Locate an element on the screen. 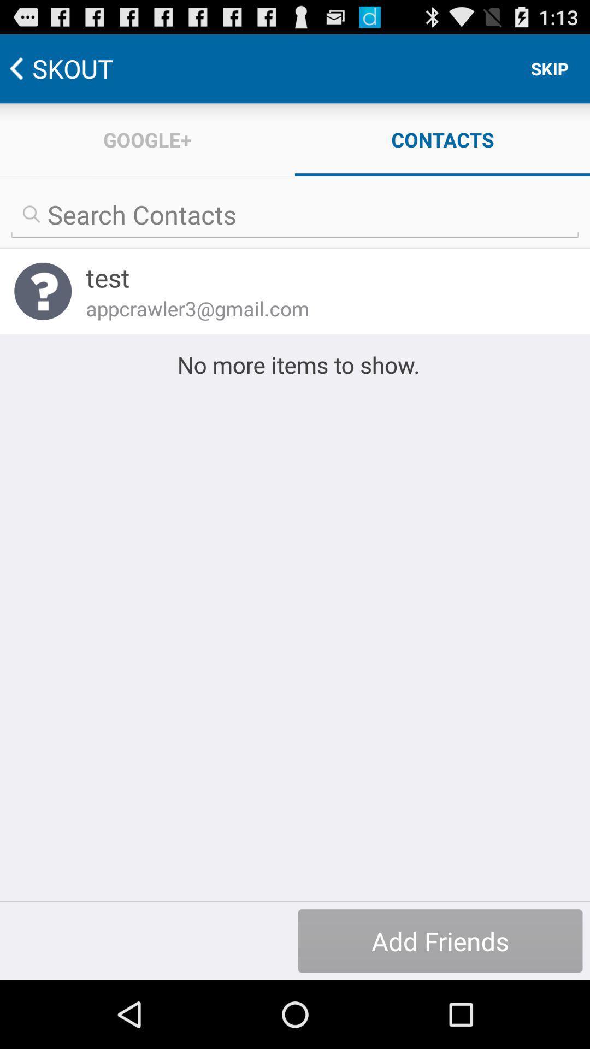  item next to the contacts icon is located at coordinates (147, 139).